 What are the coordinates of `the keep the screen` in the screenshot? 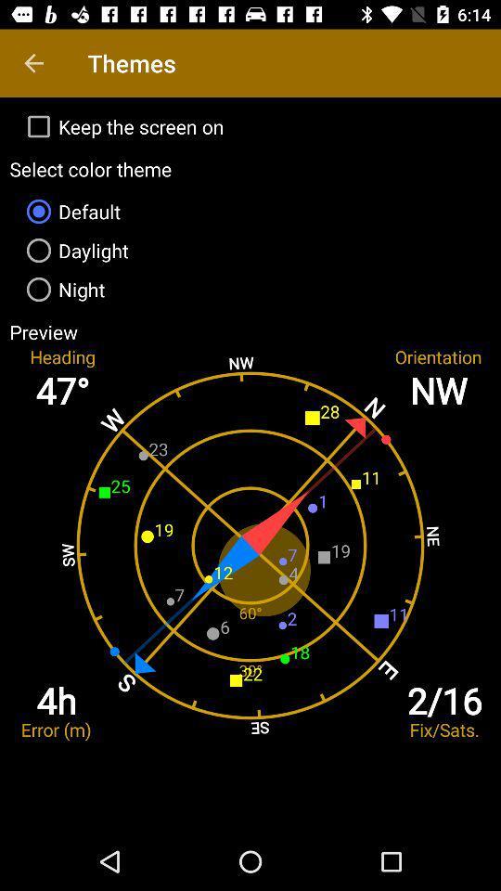 It's located at (250, 125).